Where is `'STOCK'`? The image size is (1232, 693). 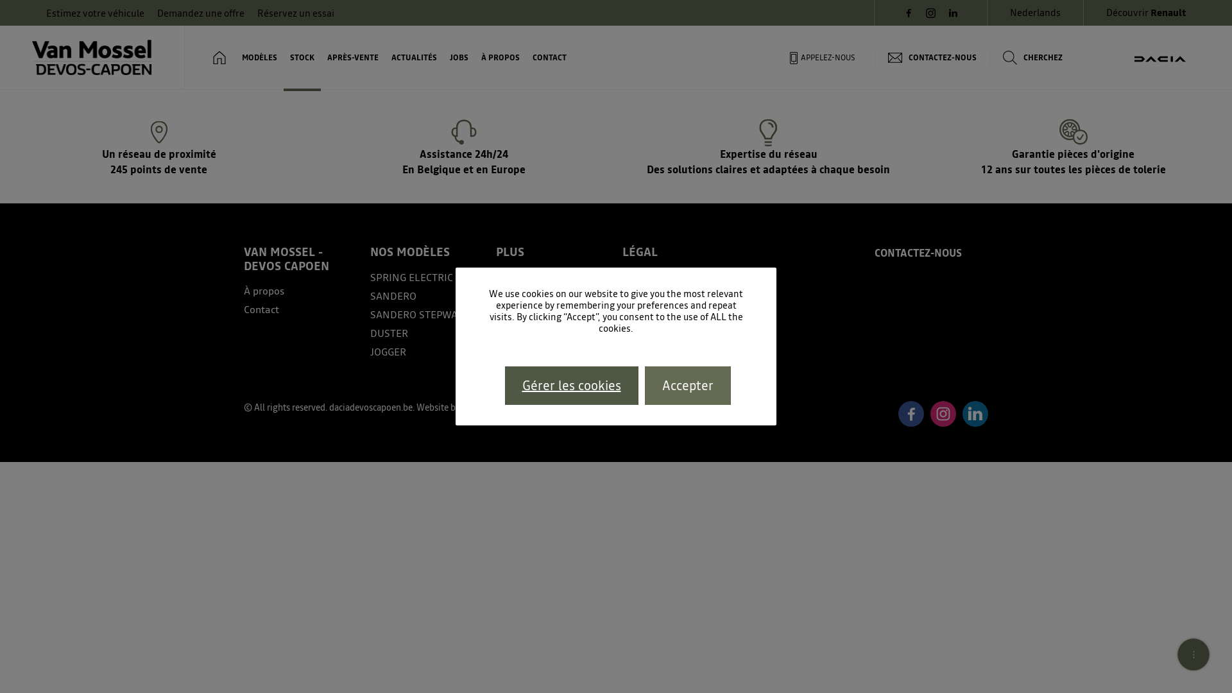 'STOCK' is located at coordinates (301, 56).